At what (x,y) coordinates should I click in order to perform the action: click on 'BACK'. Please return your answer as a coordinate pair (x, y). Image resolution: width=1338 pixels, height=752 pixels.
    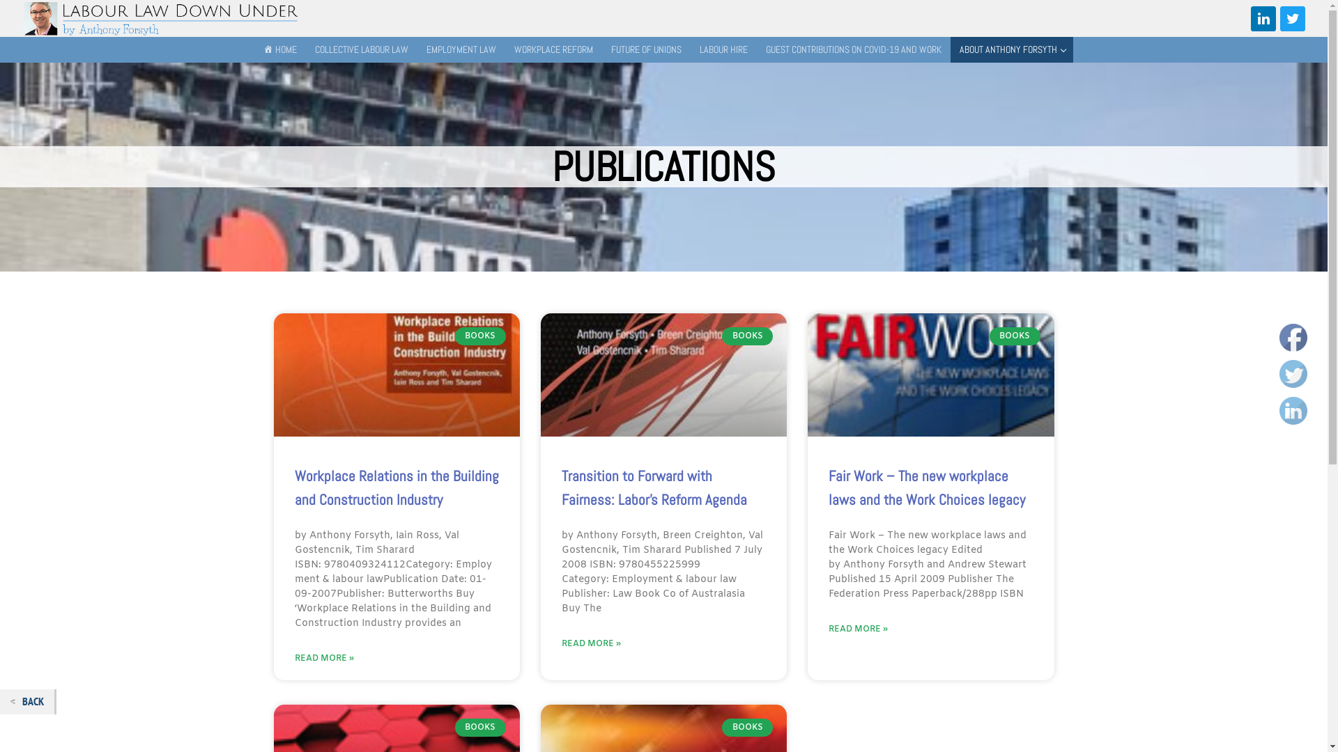
    Looking at the image, I should click on (26, 701).